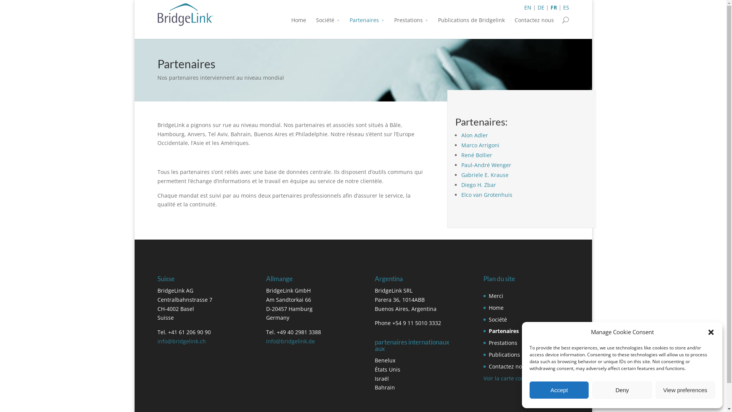 This screenshot has height=412, width=732. What do you see at coordinates (478, 185) in the screenshot?
I see `'Diego H. Zbar'` at bounding box center [478, 185].